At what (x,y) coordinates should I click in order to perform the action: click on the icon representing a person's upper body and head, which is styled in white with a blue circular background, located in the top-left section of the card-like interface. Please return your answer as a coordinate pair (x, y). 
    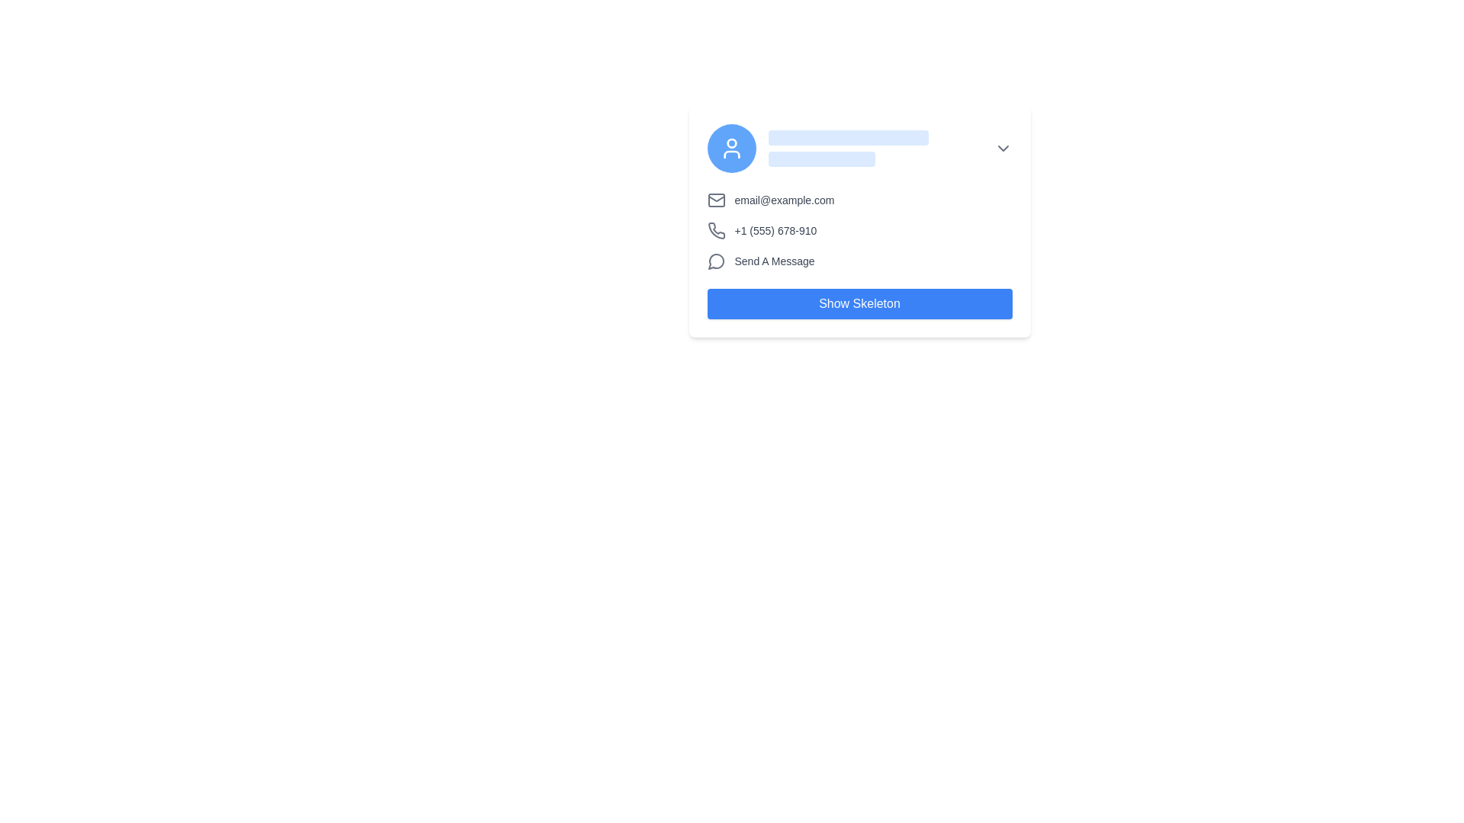
    Looking at the image, I should click on (730, 149).